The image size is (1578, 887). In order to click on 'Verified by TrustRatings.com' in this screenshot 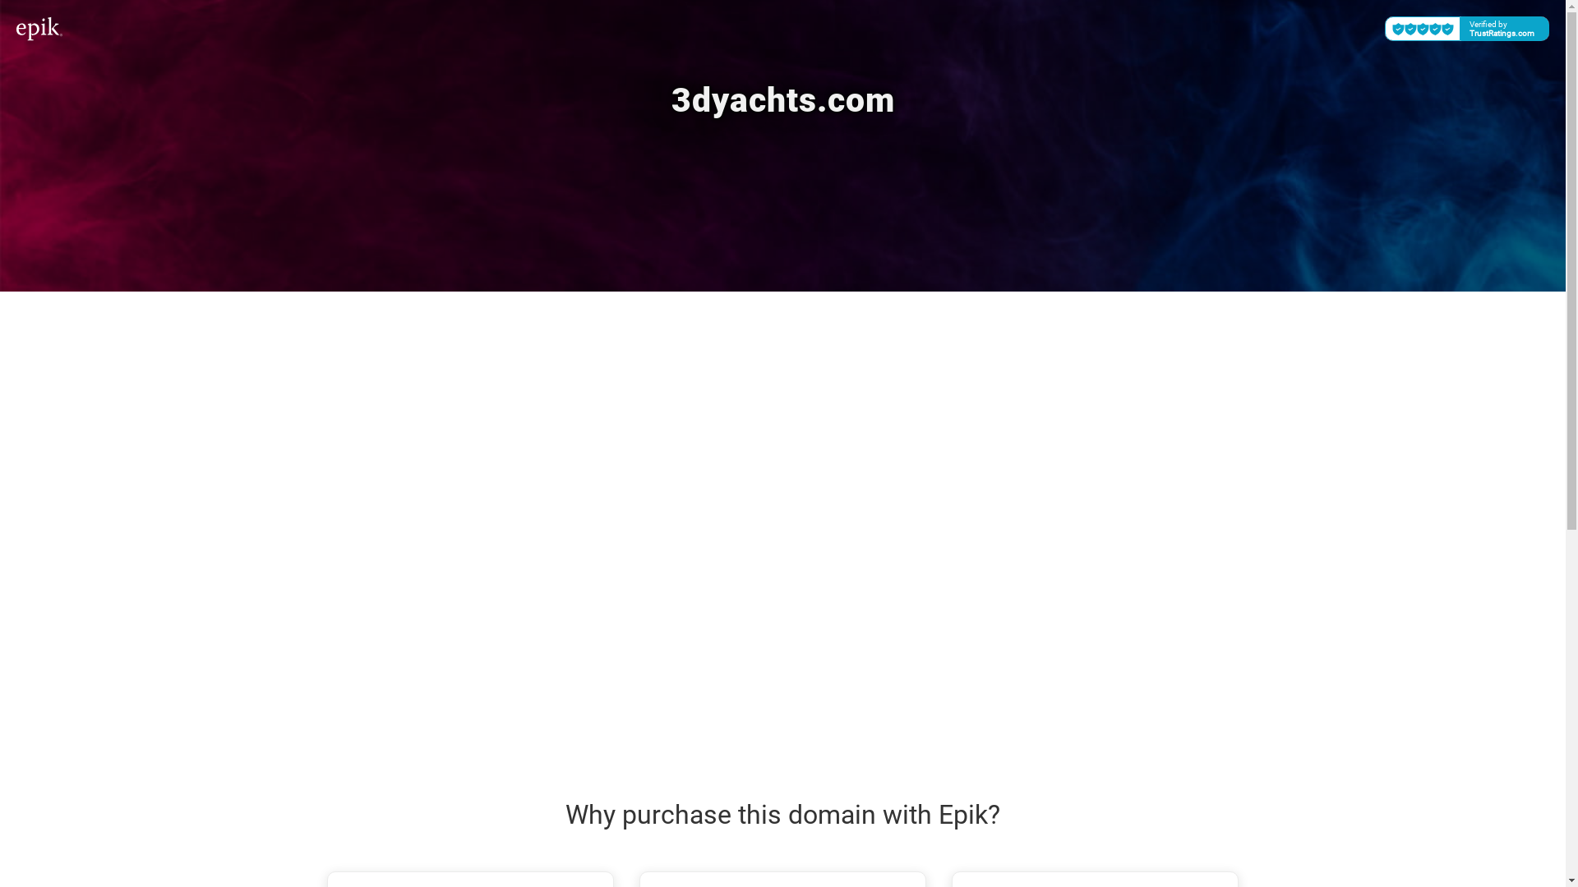, I will do `click(1467, 28)`.